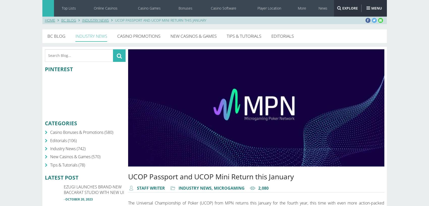  I want to click on 'Industry News (742)', so click(68, 148).